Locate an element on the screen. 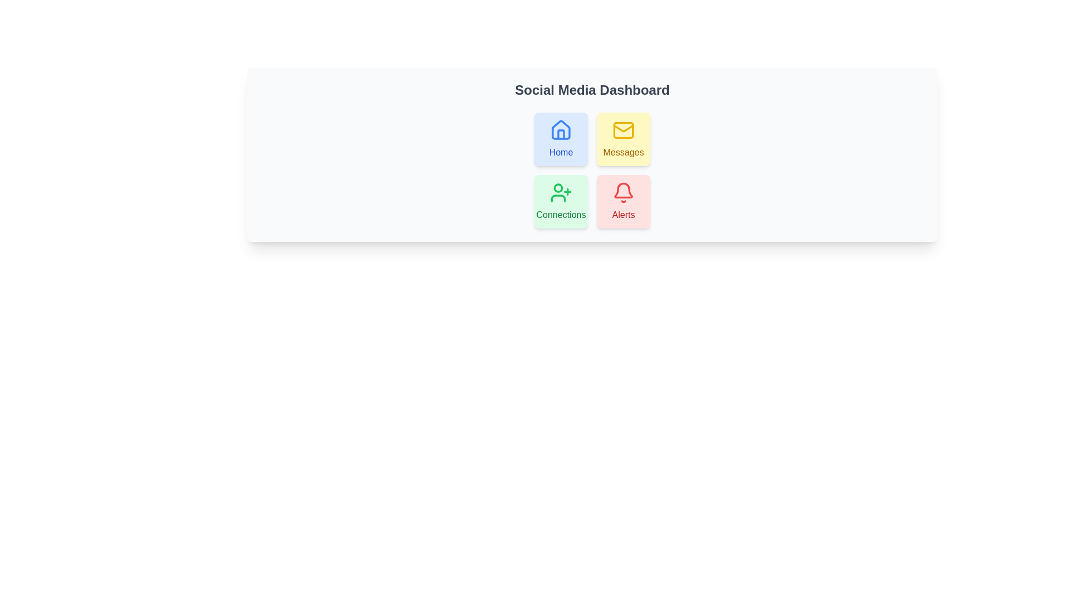 Image resolution: width=1071 pixels, height=602 pixels. 'Alerts' label, which is styled in a medium red font and located below the bell icon in the bottom section of a red-themed tile in a 2x2 grid layout is located at coordinates (623, 215).